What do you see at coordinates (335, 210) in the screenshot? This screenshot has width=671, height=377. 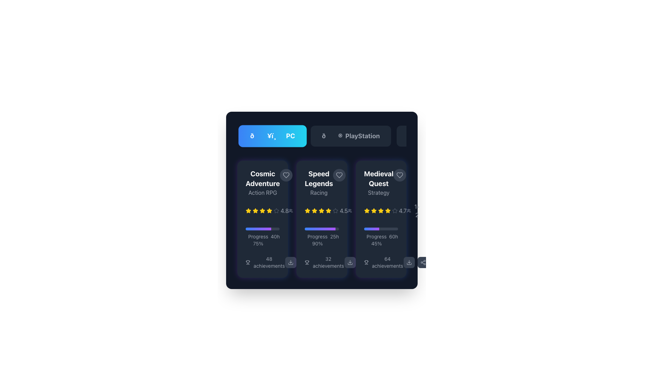 I see `the rightmost star-shaped icon in the rating component for the 'Speed Legends' game card, which is outlined in gray and not filled, distinguishing it from the filled yellow star icons` at bounding box center [335, 210].